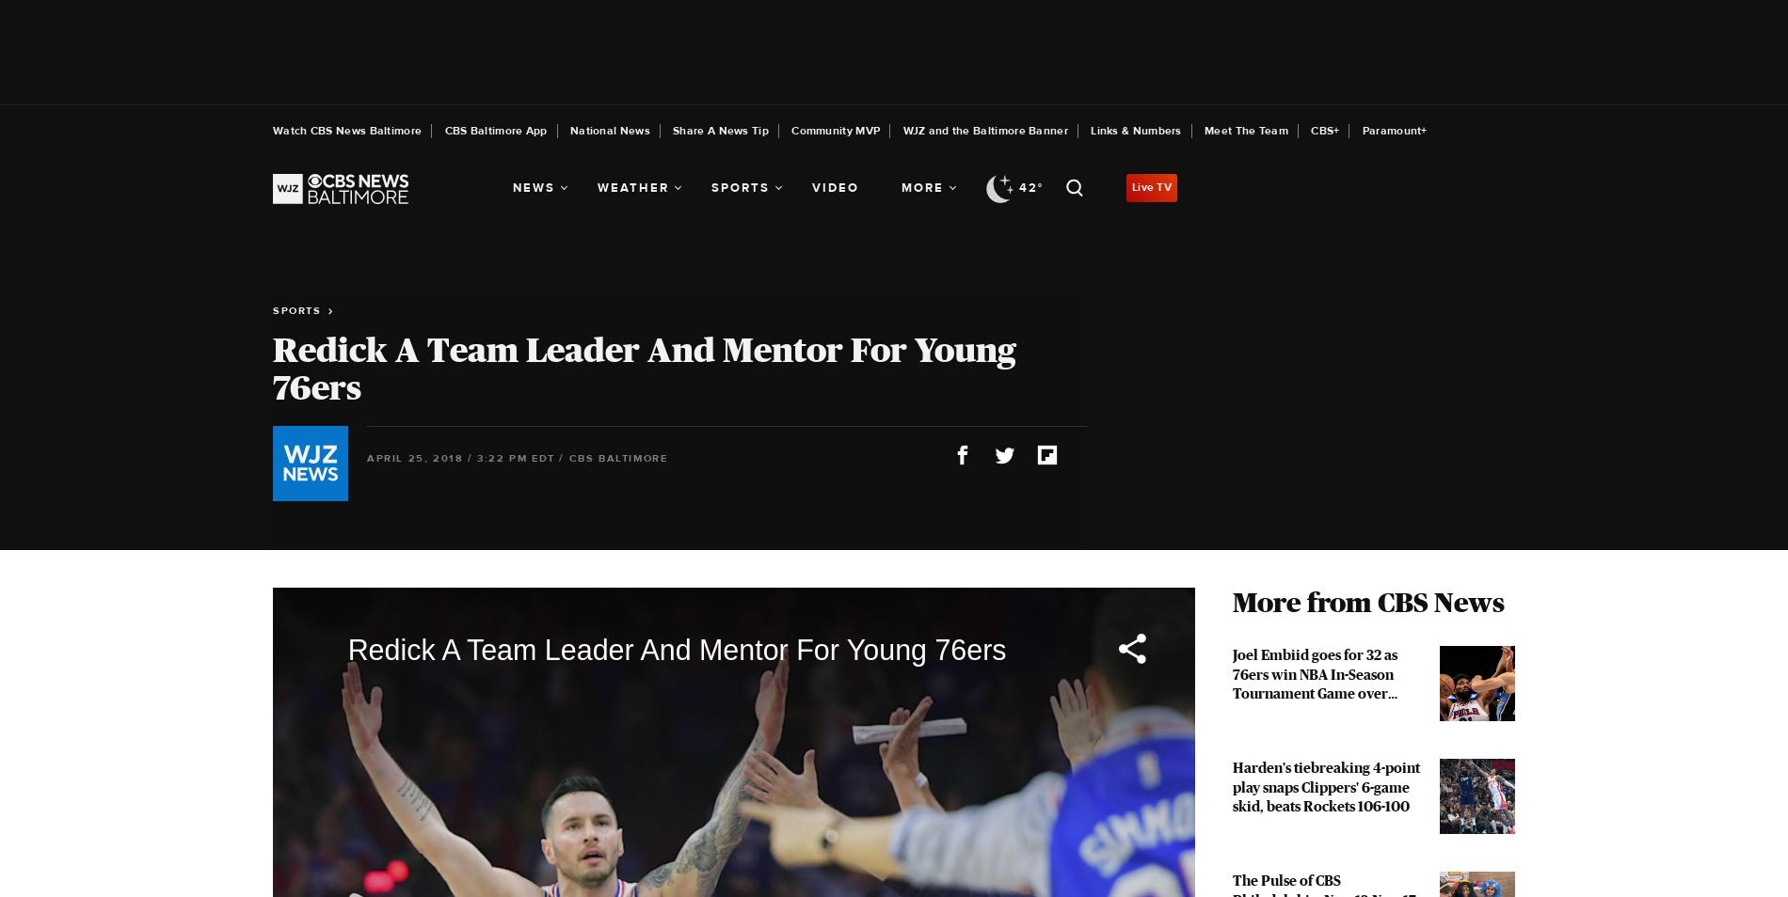  I want to click on 'WJZ and the Baltimore Banner', so click(984, 130).